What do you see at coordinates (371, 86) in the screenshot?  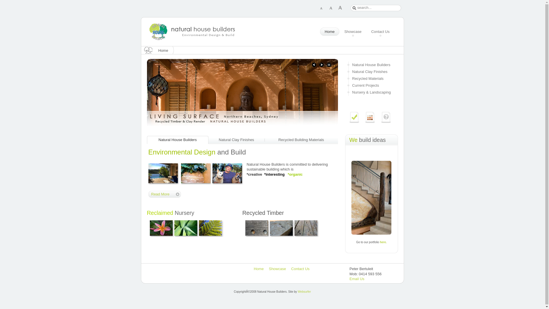 I see `'Current Projects'` at bounding box center [371, 86].